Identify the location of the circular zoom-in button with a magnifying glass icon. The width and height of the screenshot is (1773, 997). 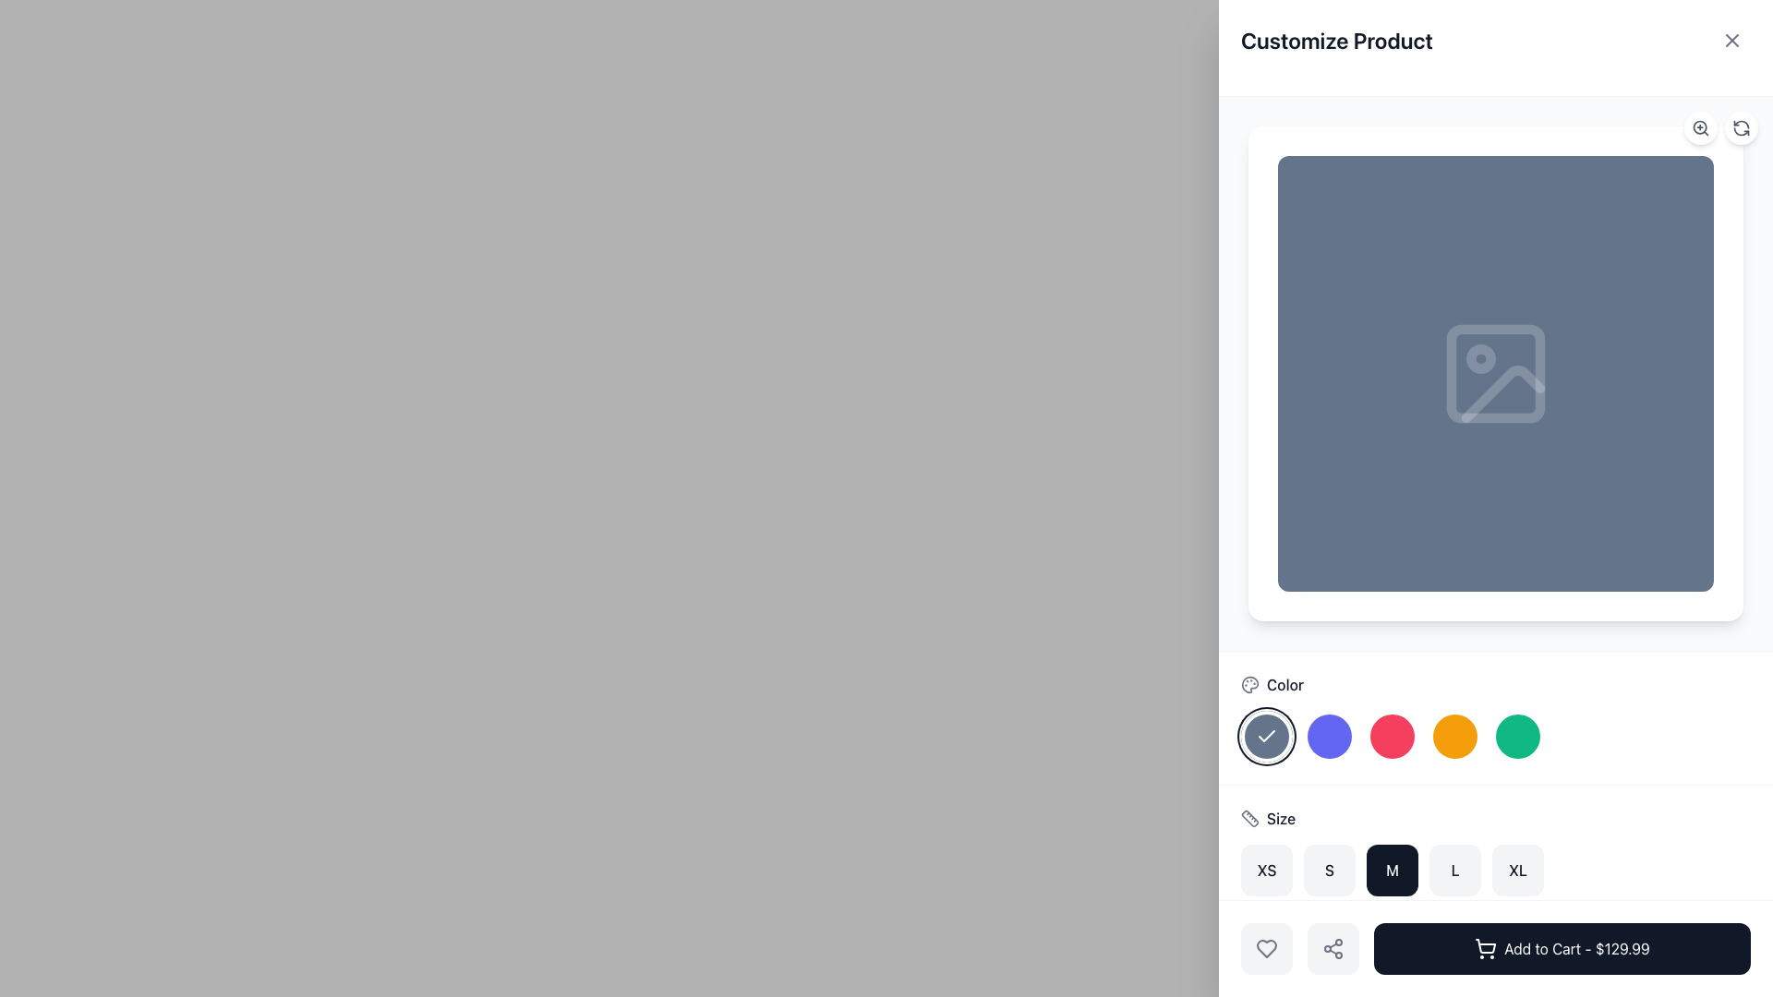
(1700, 126).